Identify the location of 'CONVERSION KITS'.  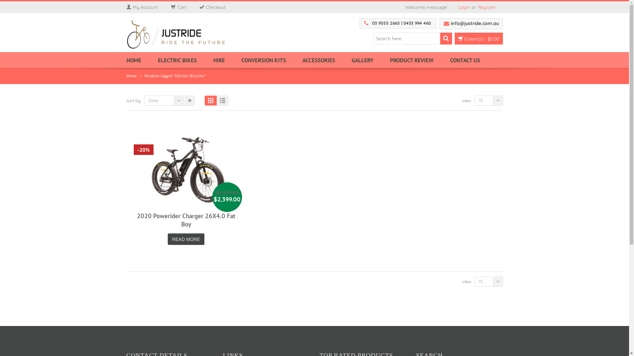
(271, 60).